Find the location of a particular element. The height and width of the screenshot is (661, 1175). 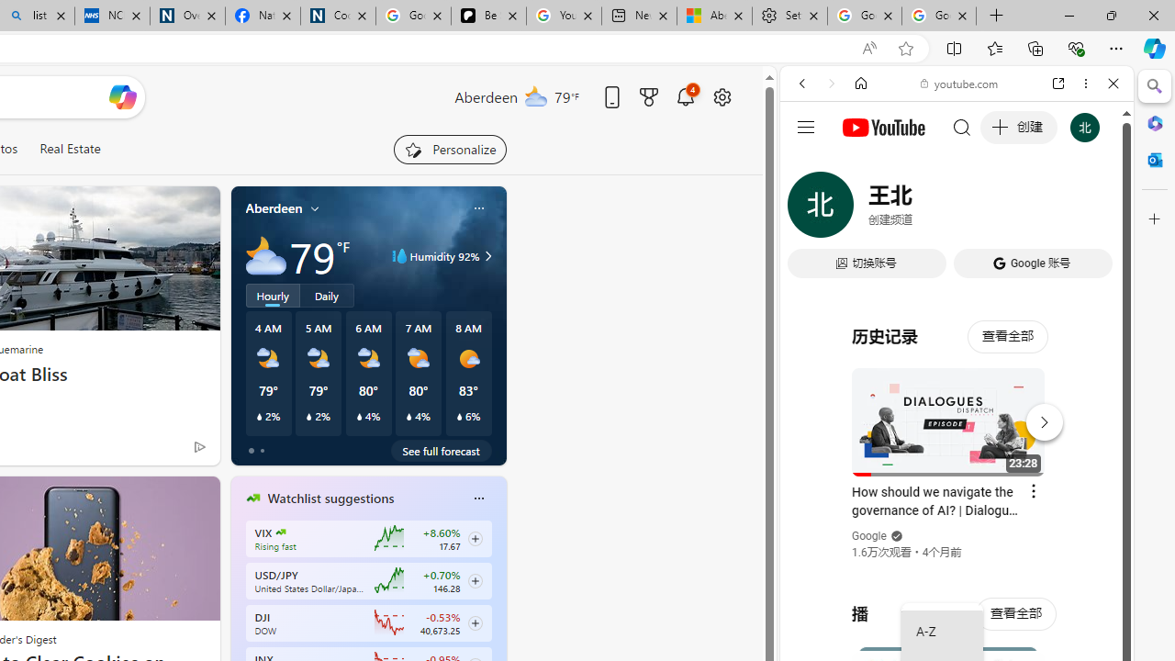

'#you' is located at coordinates (956, 409).